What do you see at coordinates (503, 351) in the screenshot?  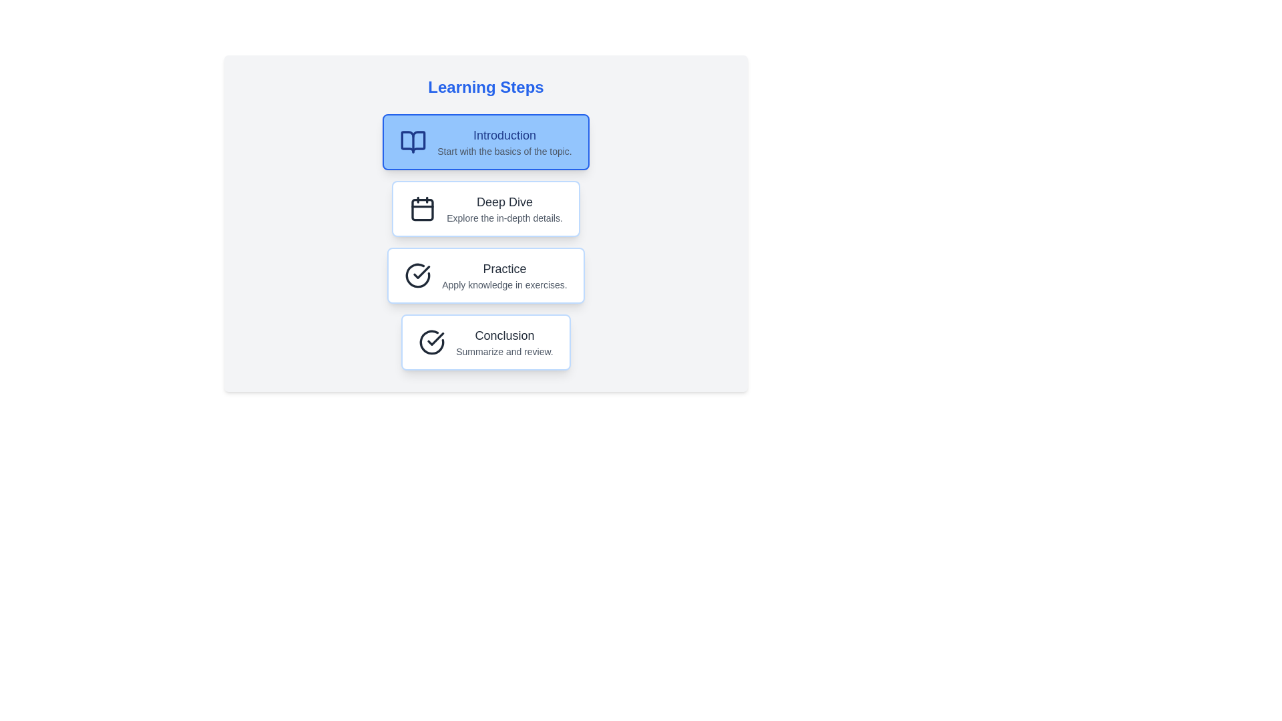 I see `the descriptive subtitle text label located beneath the 'Conclusion' text within the 'Conclusion' card in the lower section of the vertical stack of cards` at bounding box center [503, 351].